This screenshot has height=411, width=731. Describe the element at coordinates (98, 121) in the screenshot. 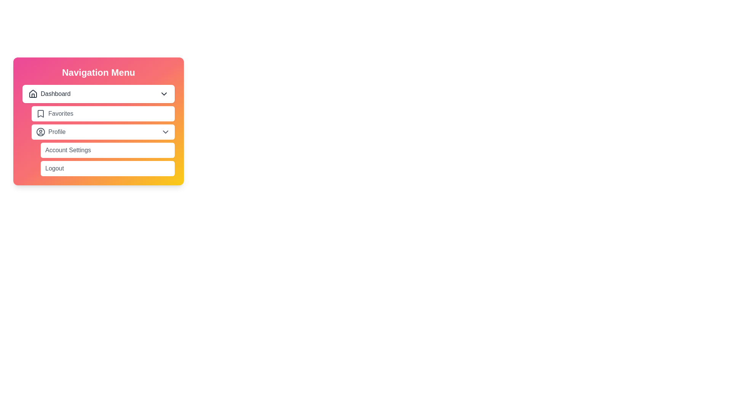

I see `the 'Favorites' button, which is the second button in the vertical navigation menu` at that location.